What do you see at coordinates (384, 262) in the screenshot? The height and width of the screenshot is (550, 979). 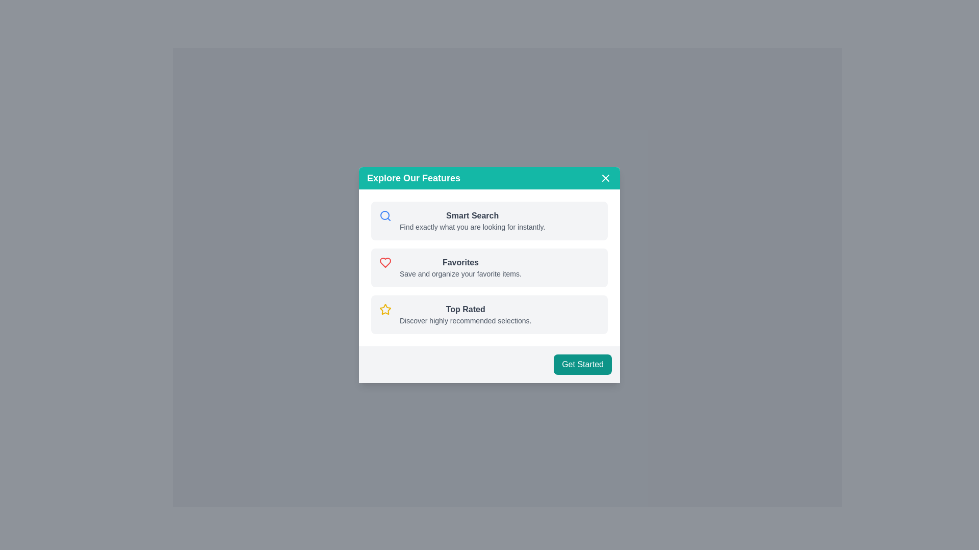 I see `the heart-shaped icon with a modern outlined design and red-colored border located in the 'Favorites' section of the popup interface` at bounding box center [384, 262].